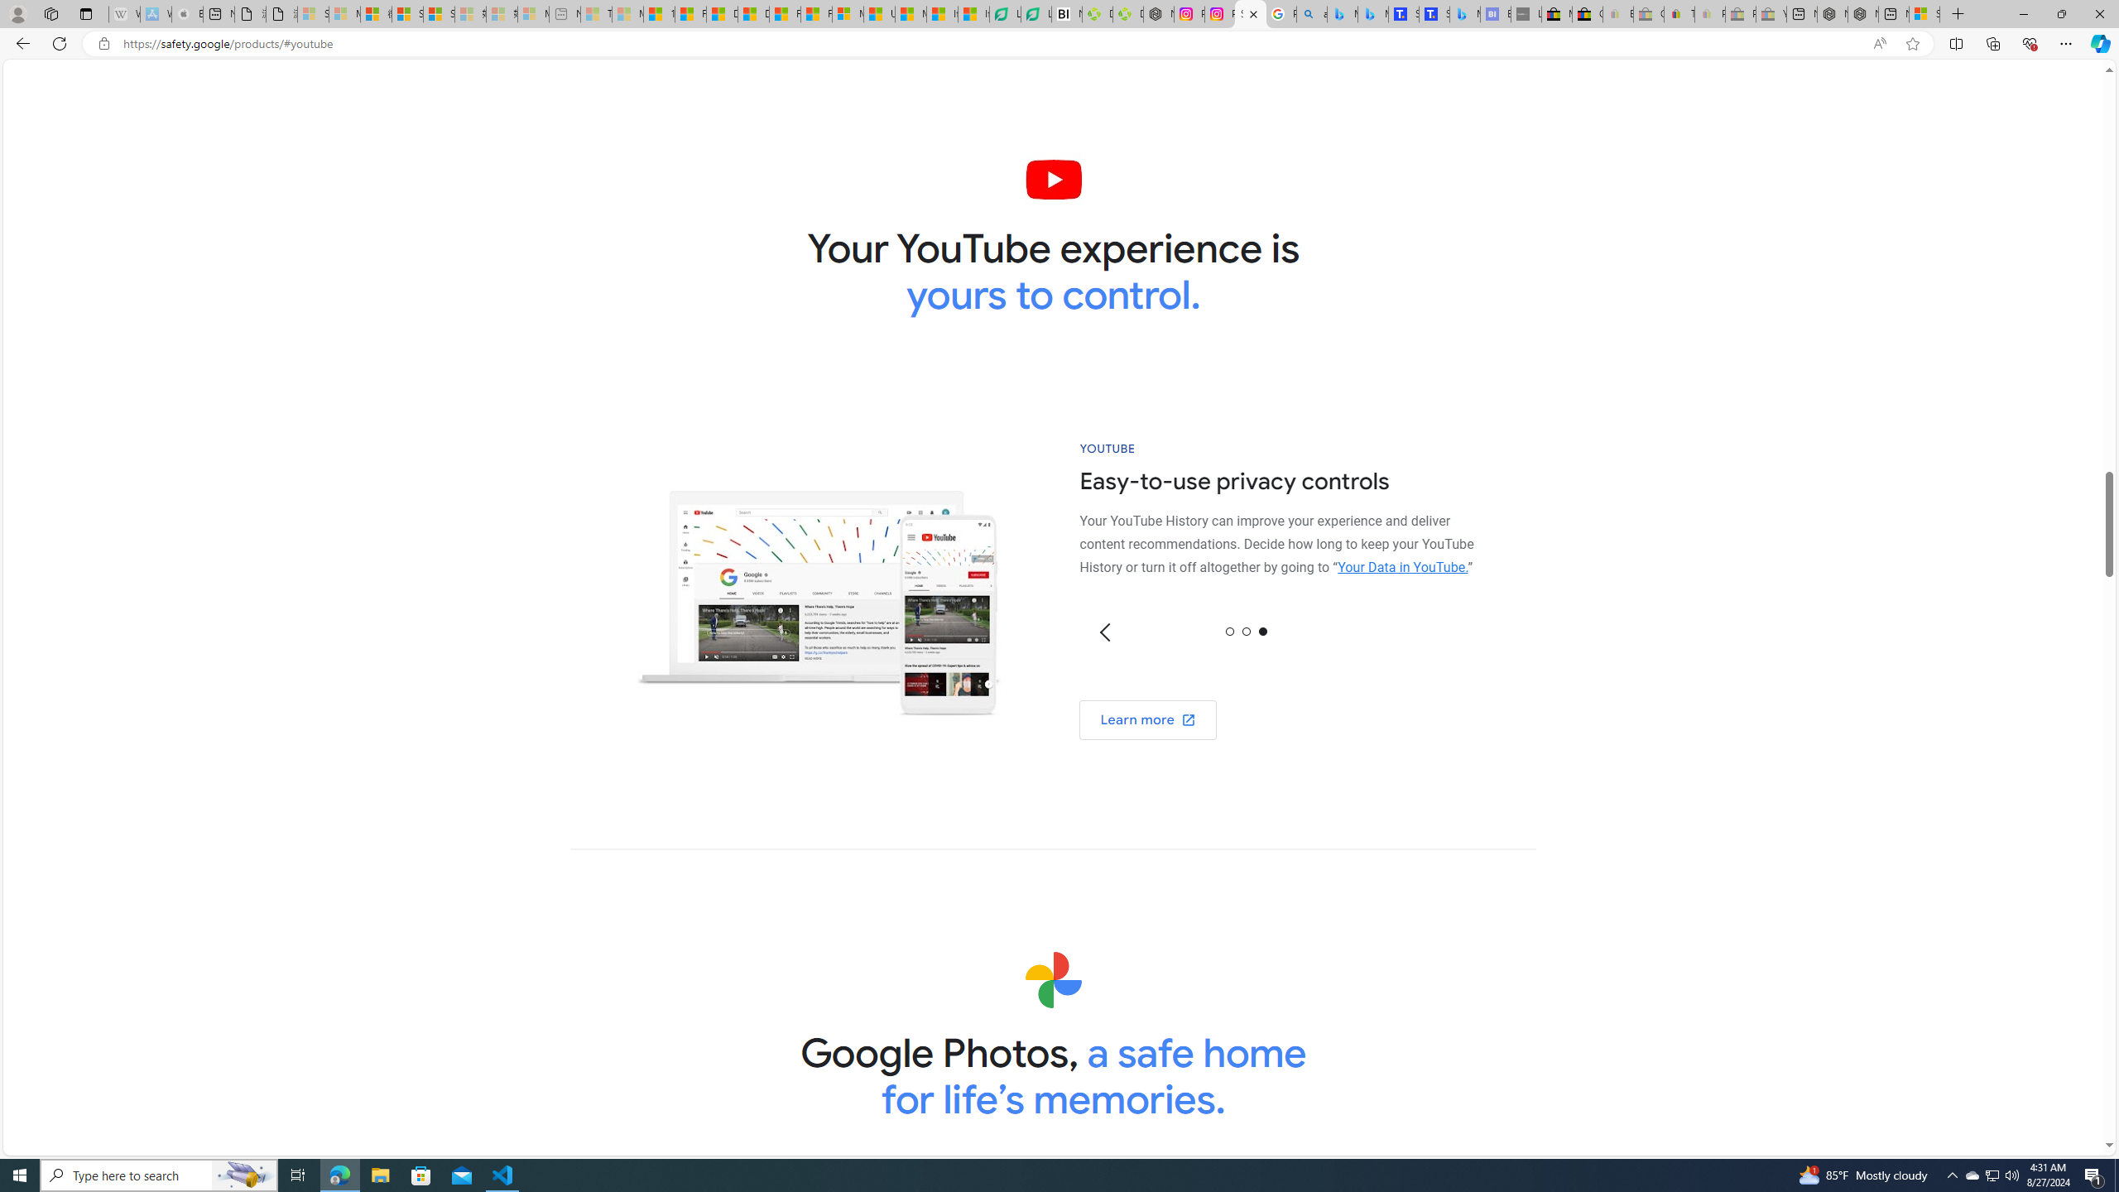  I want to click on 'Payments Terms of Use | eBay.com - Sleeping', so click(1708, 13).